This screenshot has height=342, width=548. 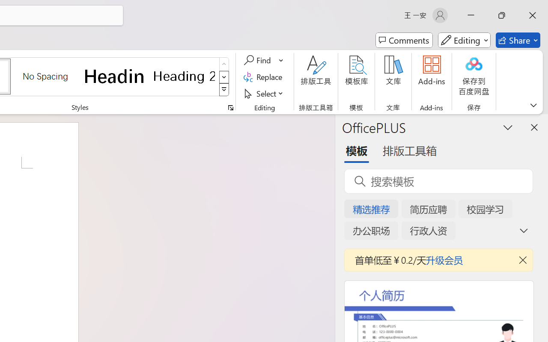 What do you see at coordinates (508, 127) in the screenshot?
I see `'Task Pane Options'` at bounding box center [508, 127].